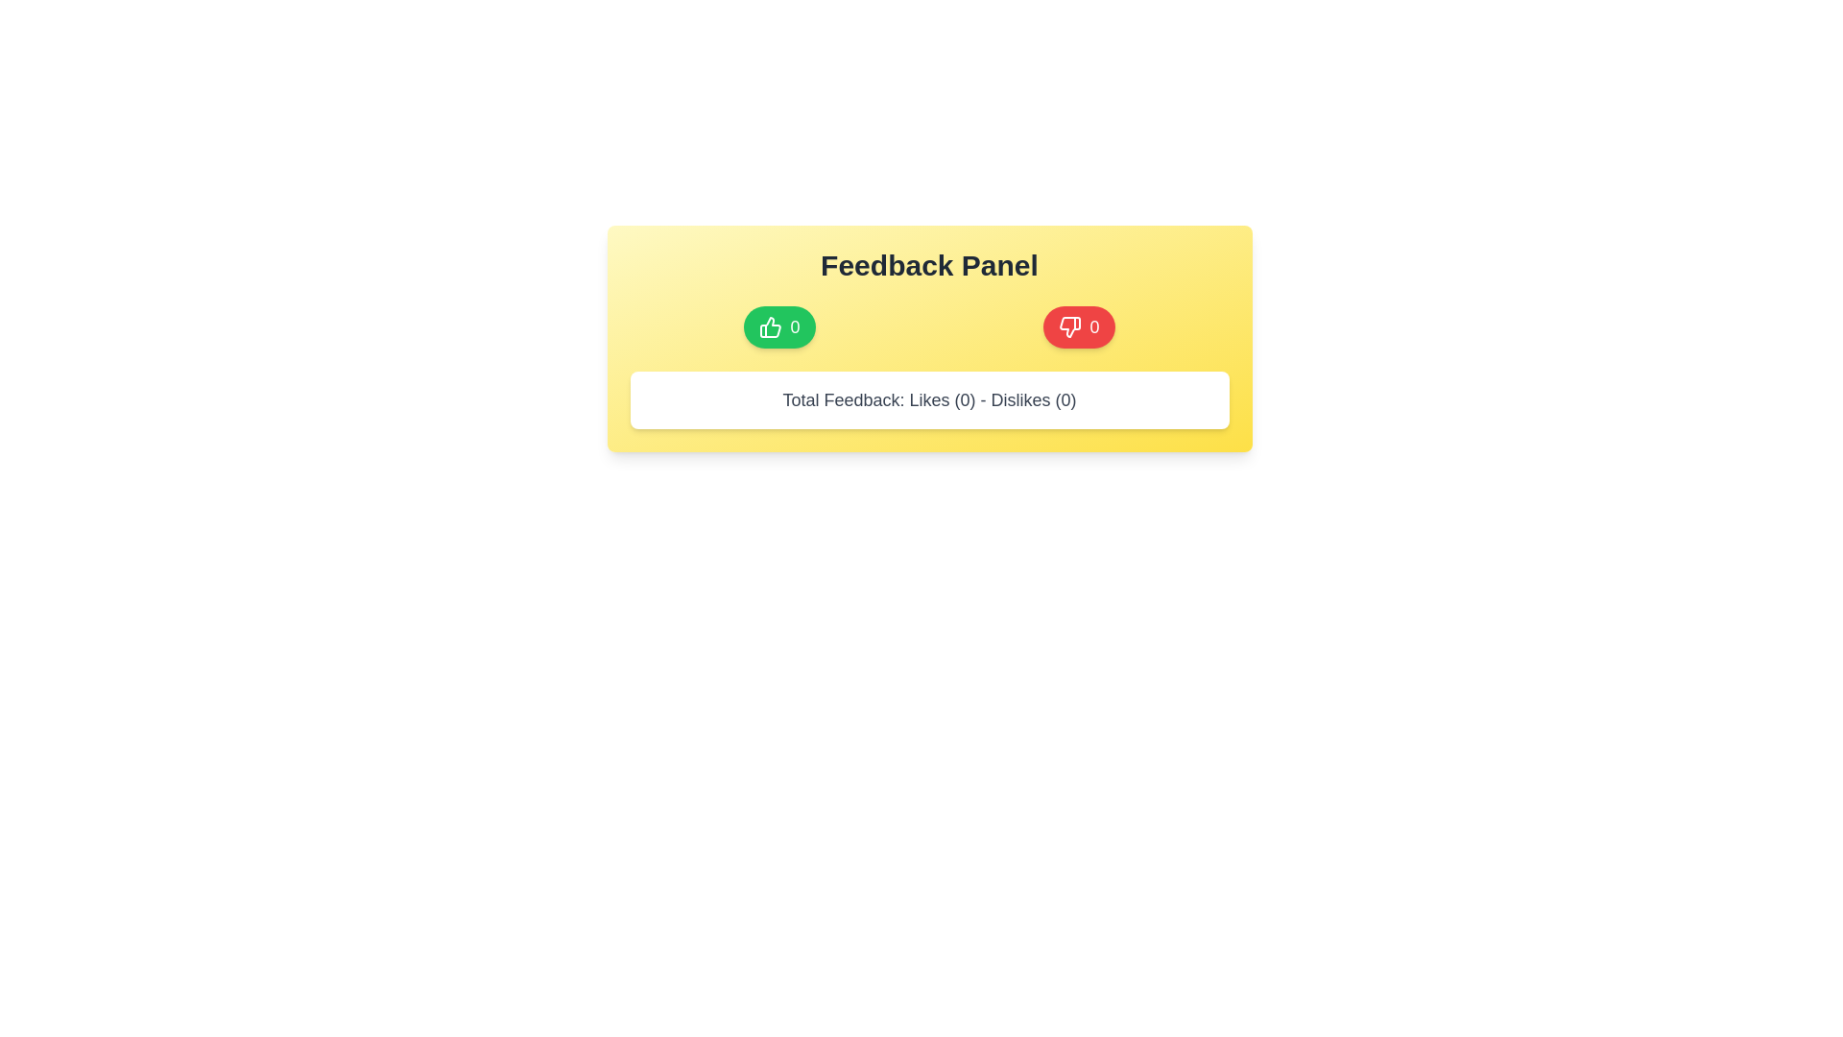  Describe the element at coordinates (1069, 326) in the screenshot. I see `the red feedback vote button to register a negative feedback, located to the right of the green thumbs-up button` at that location.